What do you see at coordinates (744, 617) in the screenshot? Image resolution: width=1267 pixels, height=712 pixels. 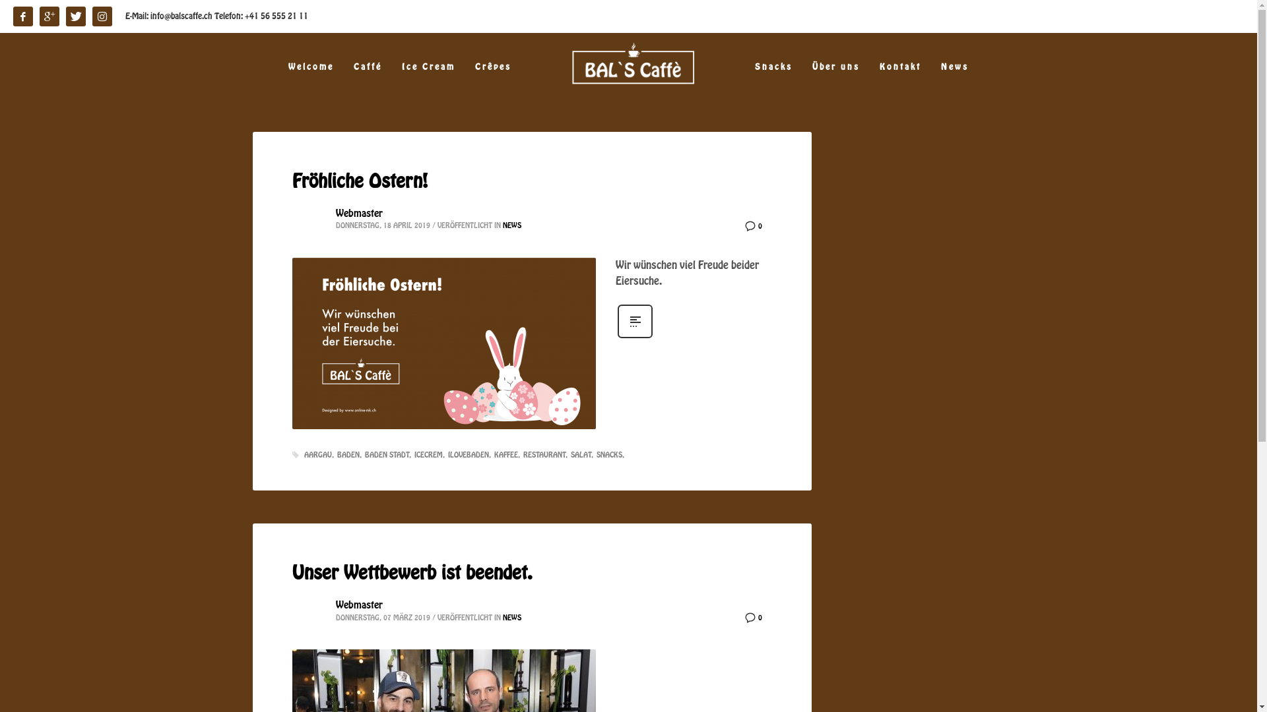 I see `'0'` at bounding box center [744, 617].